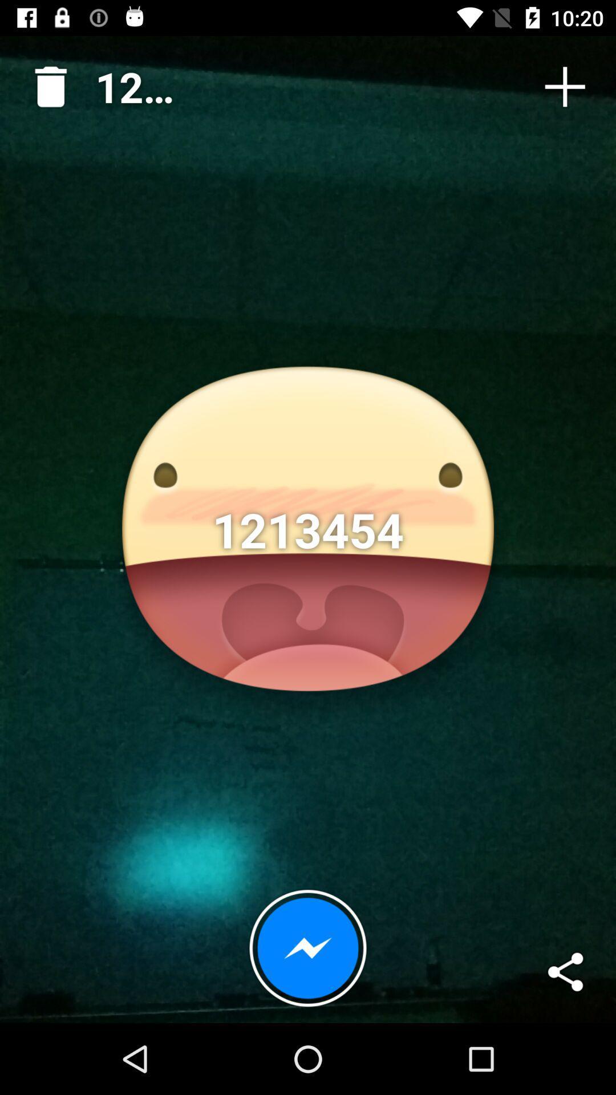  I want to click on the icon next to the 1213454 icon, so click(46, 82).